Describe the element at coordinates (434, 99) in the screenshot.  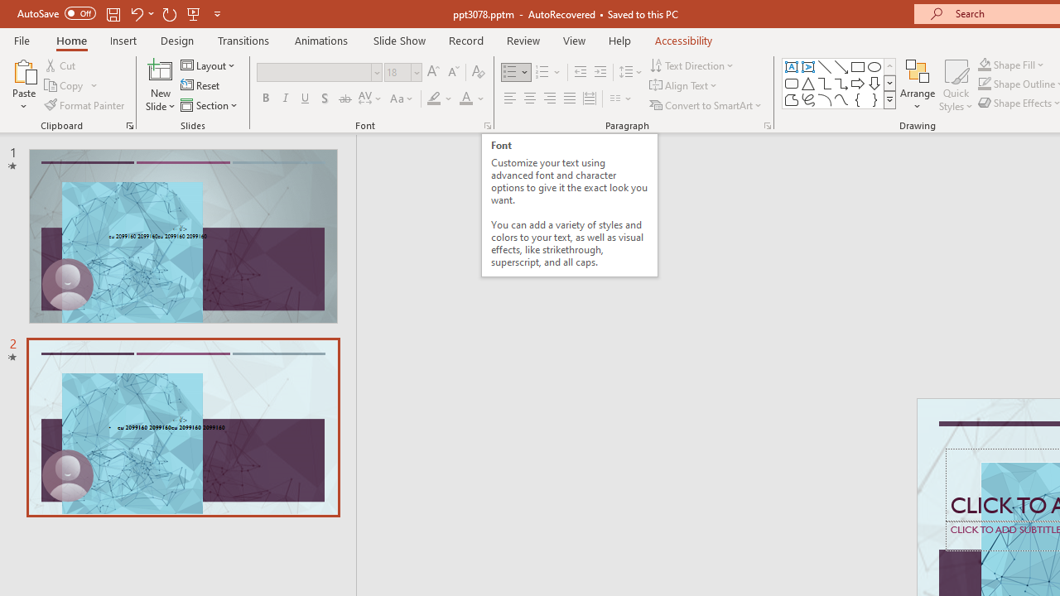
I see `'Text Highlight Color Yellow'` at that location.